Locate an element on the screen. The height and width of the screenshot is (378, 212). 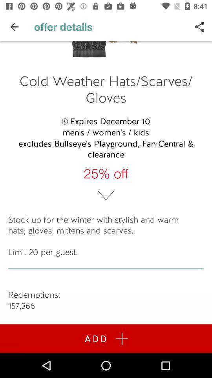
icon to the left of offer details is located at coordinates (14, 27).